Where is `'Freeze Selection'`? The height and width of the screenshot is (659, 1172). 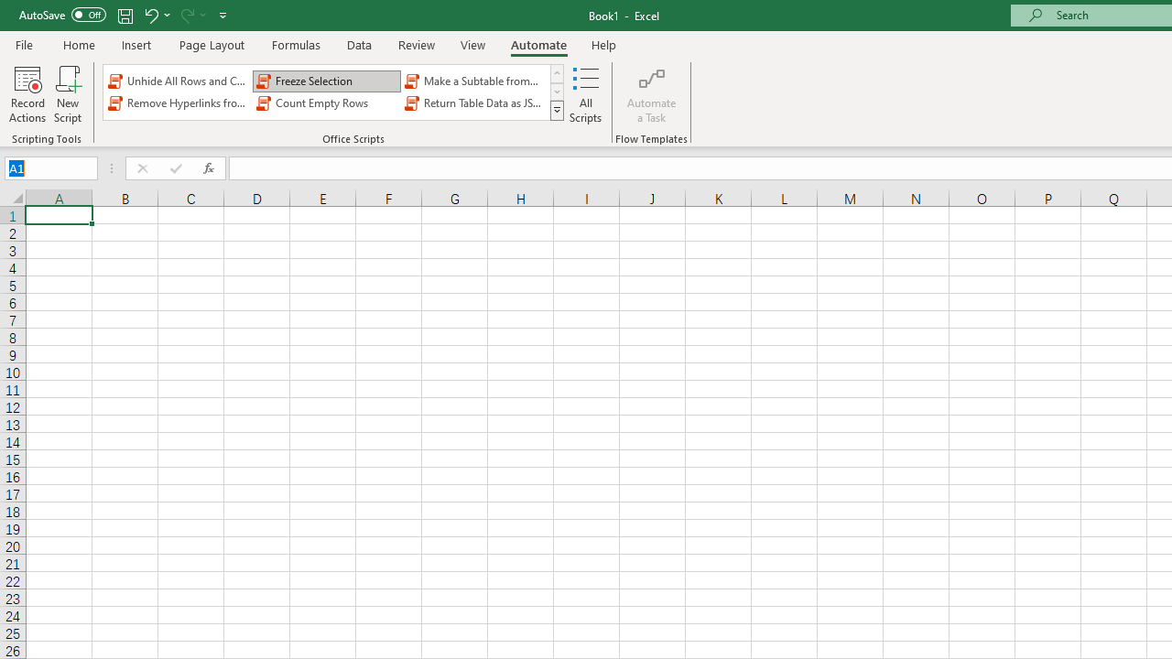 'Freeze Selection' is located at coordinates (327, 80).